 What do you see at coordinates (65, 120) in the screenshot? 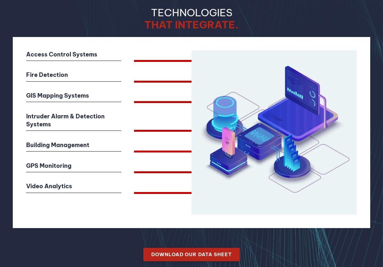
I see `'Intruder Alarm & Detection Systems'` at bounding box center [65, 120].